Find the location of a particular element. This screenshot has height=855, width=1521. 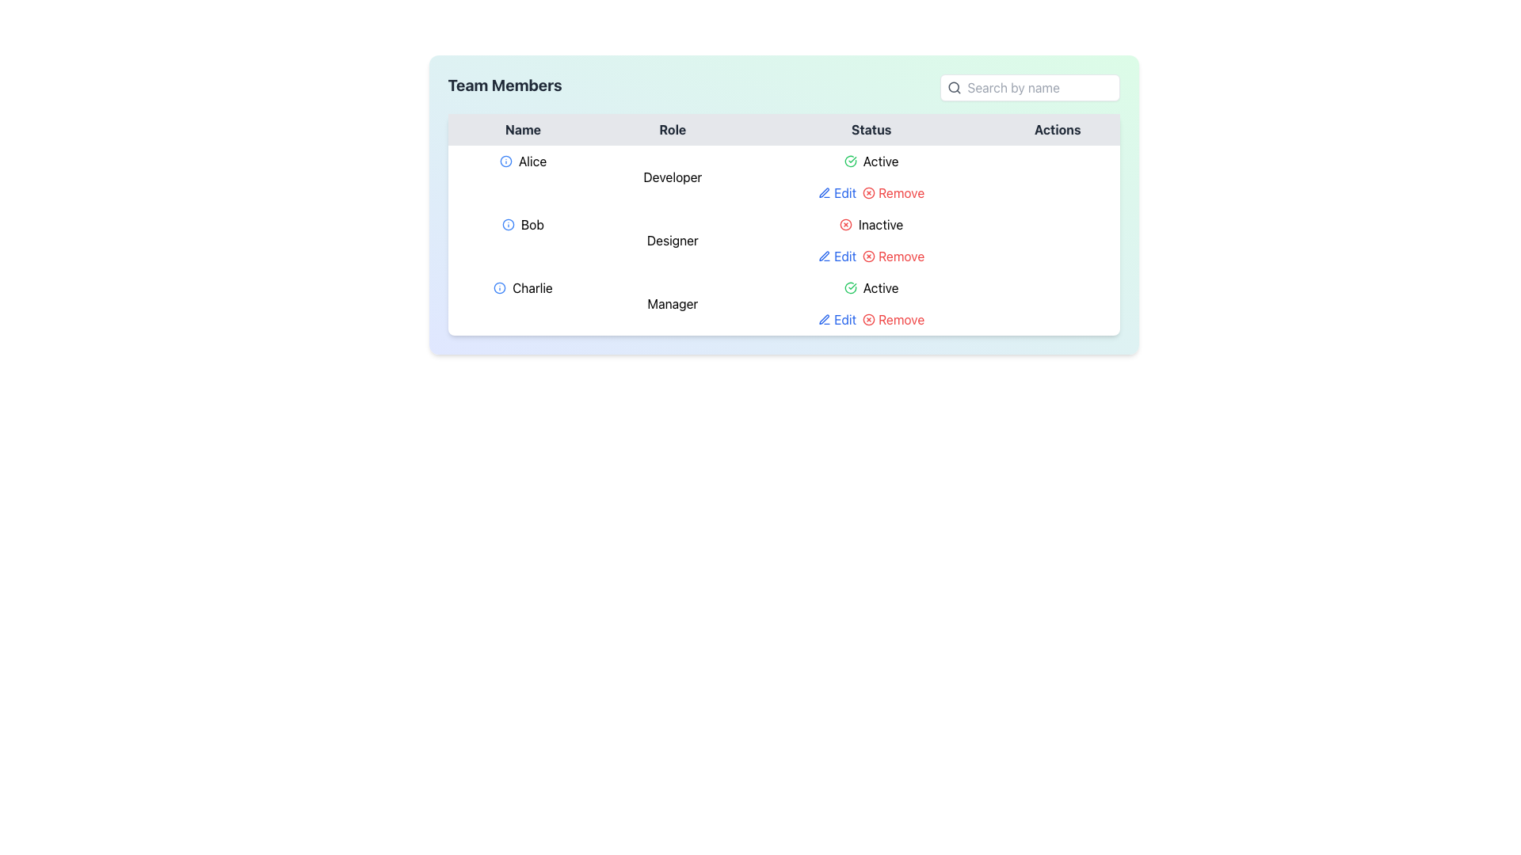

the link with an icon in the 'Actions' column is located at coordinates (837, 320).